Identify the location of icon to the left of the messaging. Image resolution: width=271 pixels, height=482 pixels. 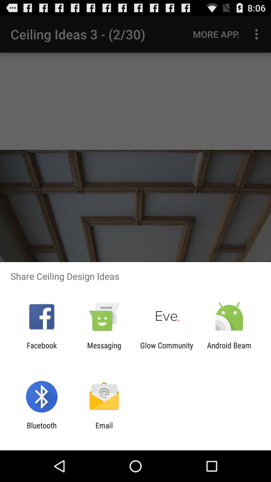
(41, 349).